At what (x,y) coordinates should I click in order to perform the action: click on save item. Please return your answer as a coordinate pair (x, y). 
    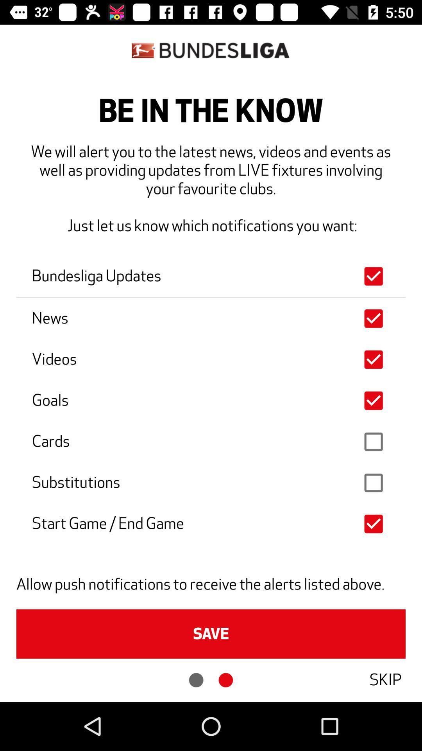
    Looking at the image, I should click on (211, 634).